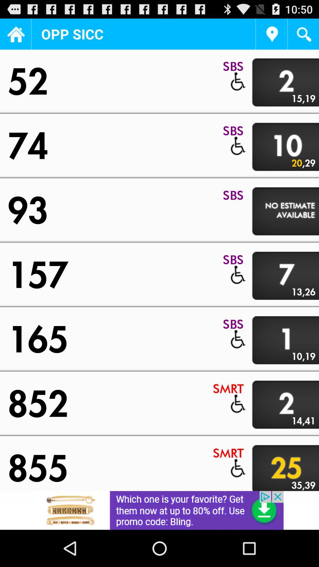  What do you see at coordinates (15, 36) in the screenshot?
I see `the home icon` at bounding box center [15, 36].